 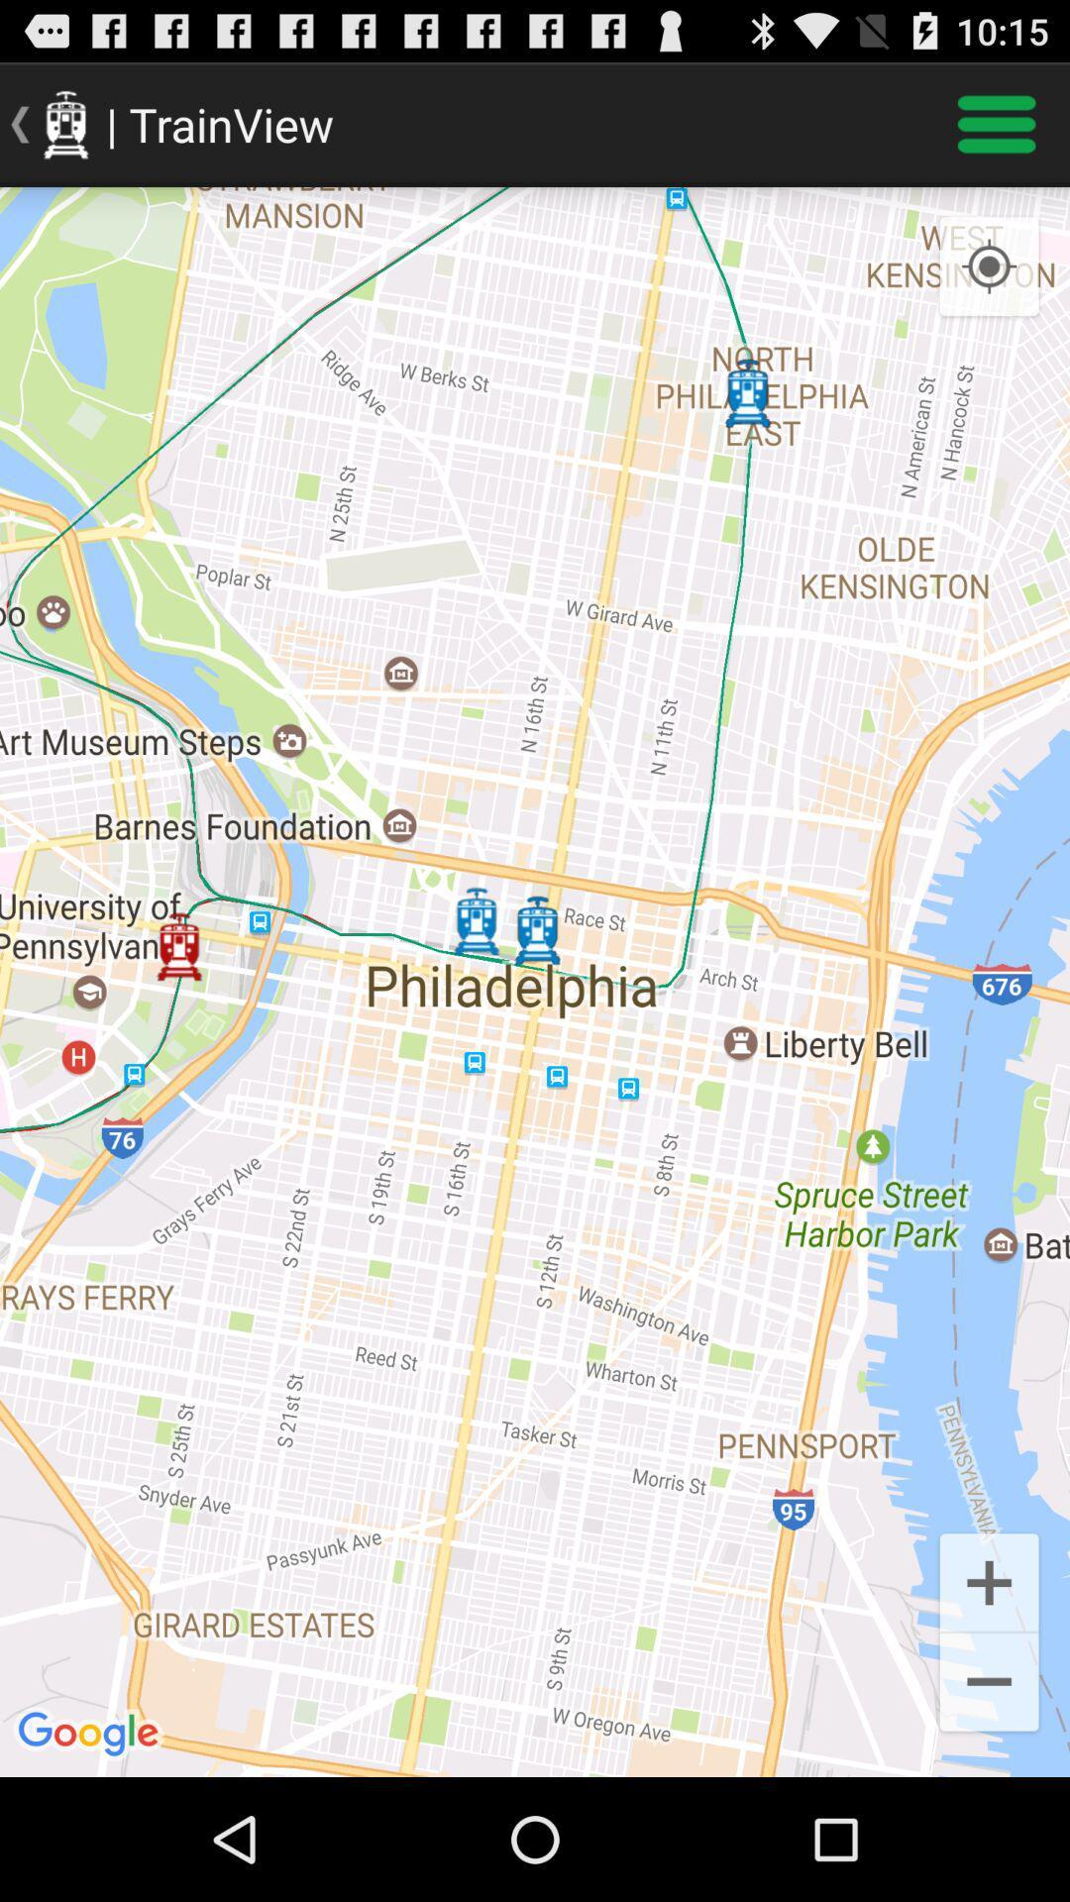 I want to click on the location_crosshair icon, so click(x=989, y=285).